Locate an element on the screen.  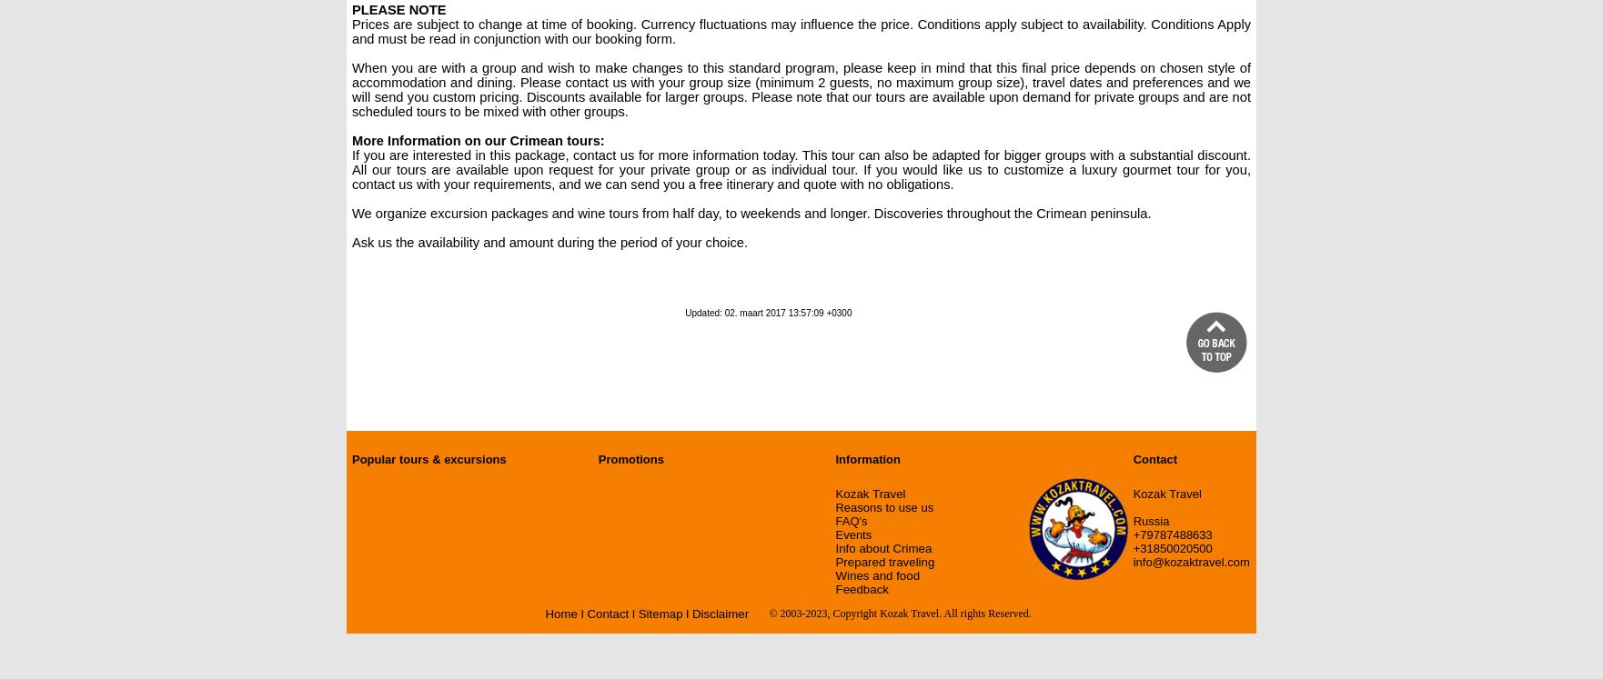
'+318' is located at coordinates (1133, 548).